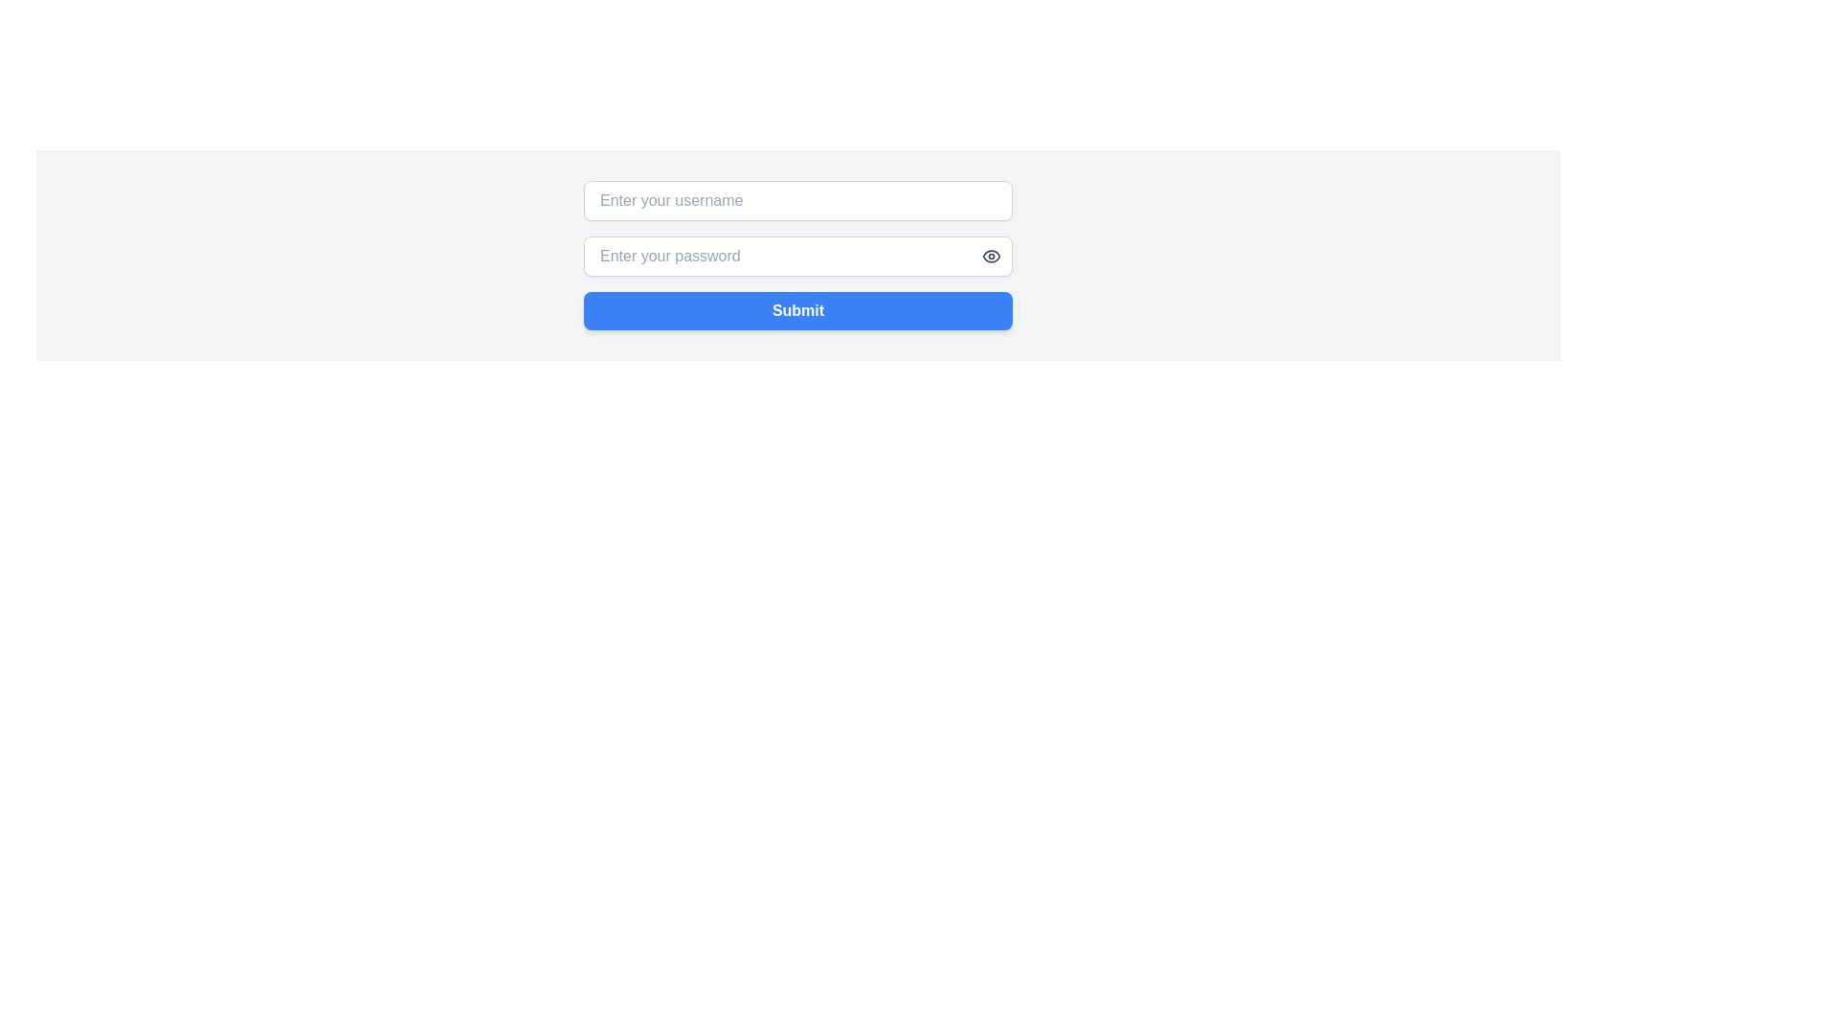 The width and height of the screenshot is (1838, 1034). Describe the element at coordinates (992, 255) in the screenshot. I see `the Eye icon located at the far right corner of the password input field` at that location.